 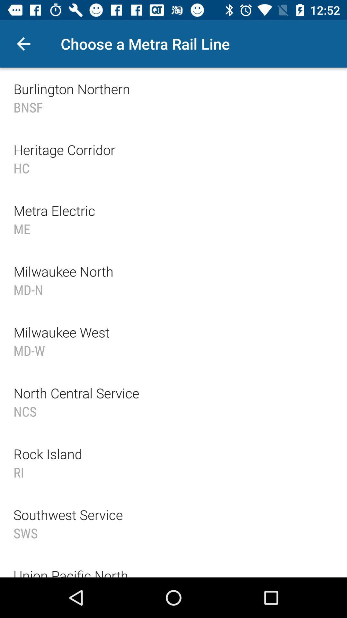 What do you see at coordinates (23, 43) in the screenshot?
I see `item next to choose a metra` at bounding box center [23, 43].